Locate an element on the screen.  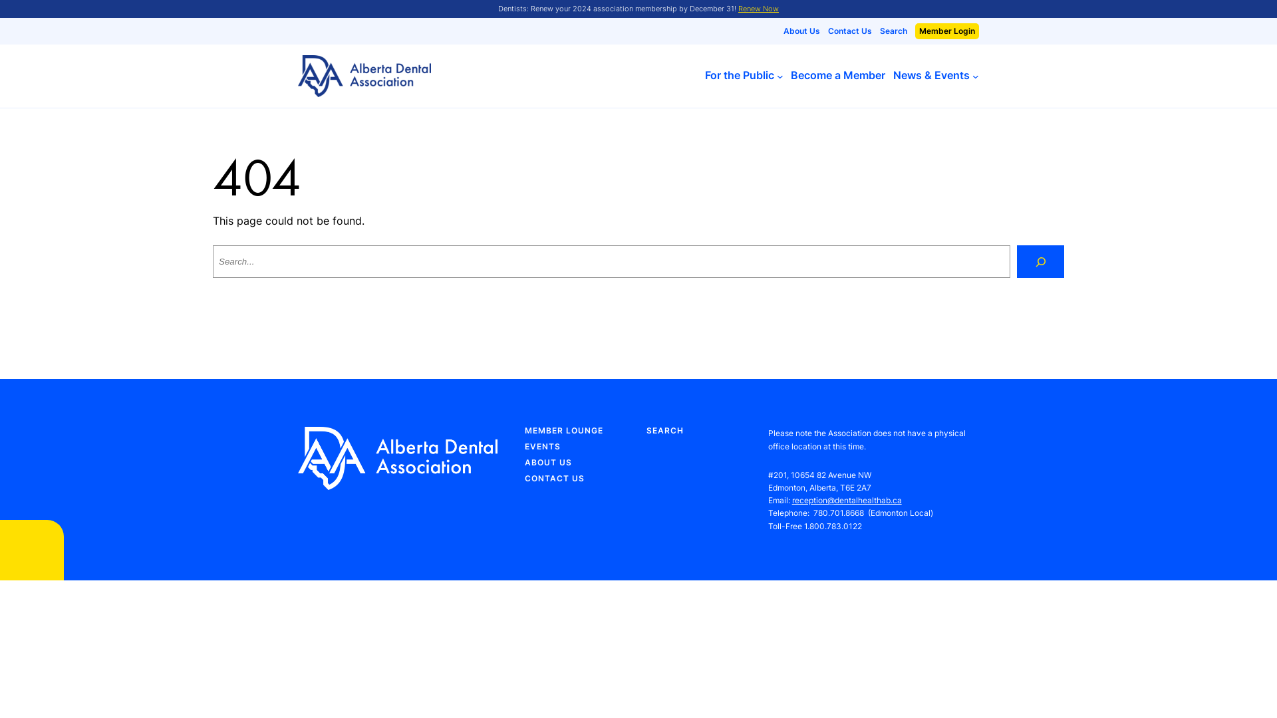
'Member Login' is located at coordinates (946, 30).